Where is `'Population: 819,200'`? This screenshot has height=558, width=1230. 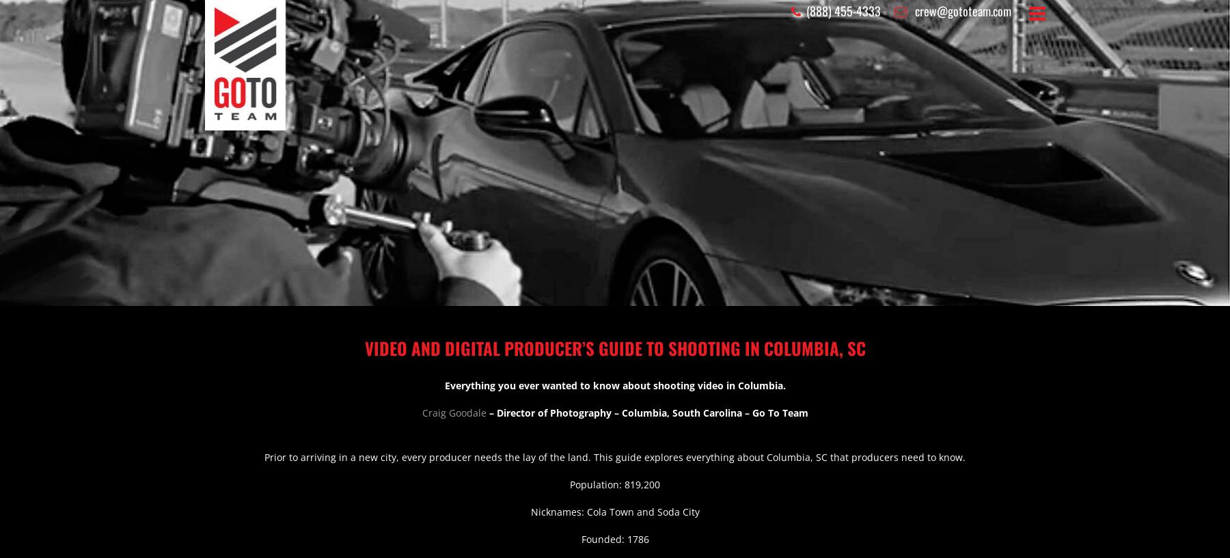
'Population: 819,200' is located at coordinates (569, 484).